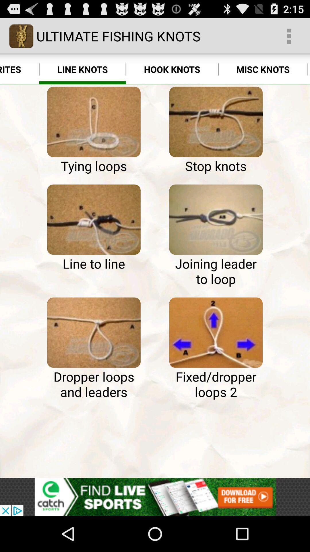  Describe the element at coordinates (216, 219) in the screenshot. I see `expand this picture` at that location.